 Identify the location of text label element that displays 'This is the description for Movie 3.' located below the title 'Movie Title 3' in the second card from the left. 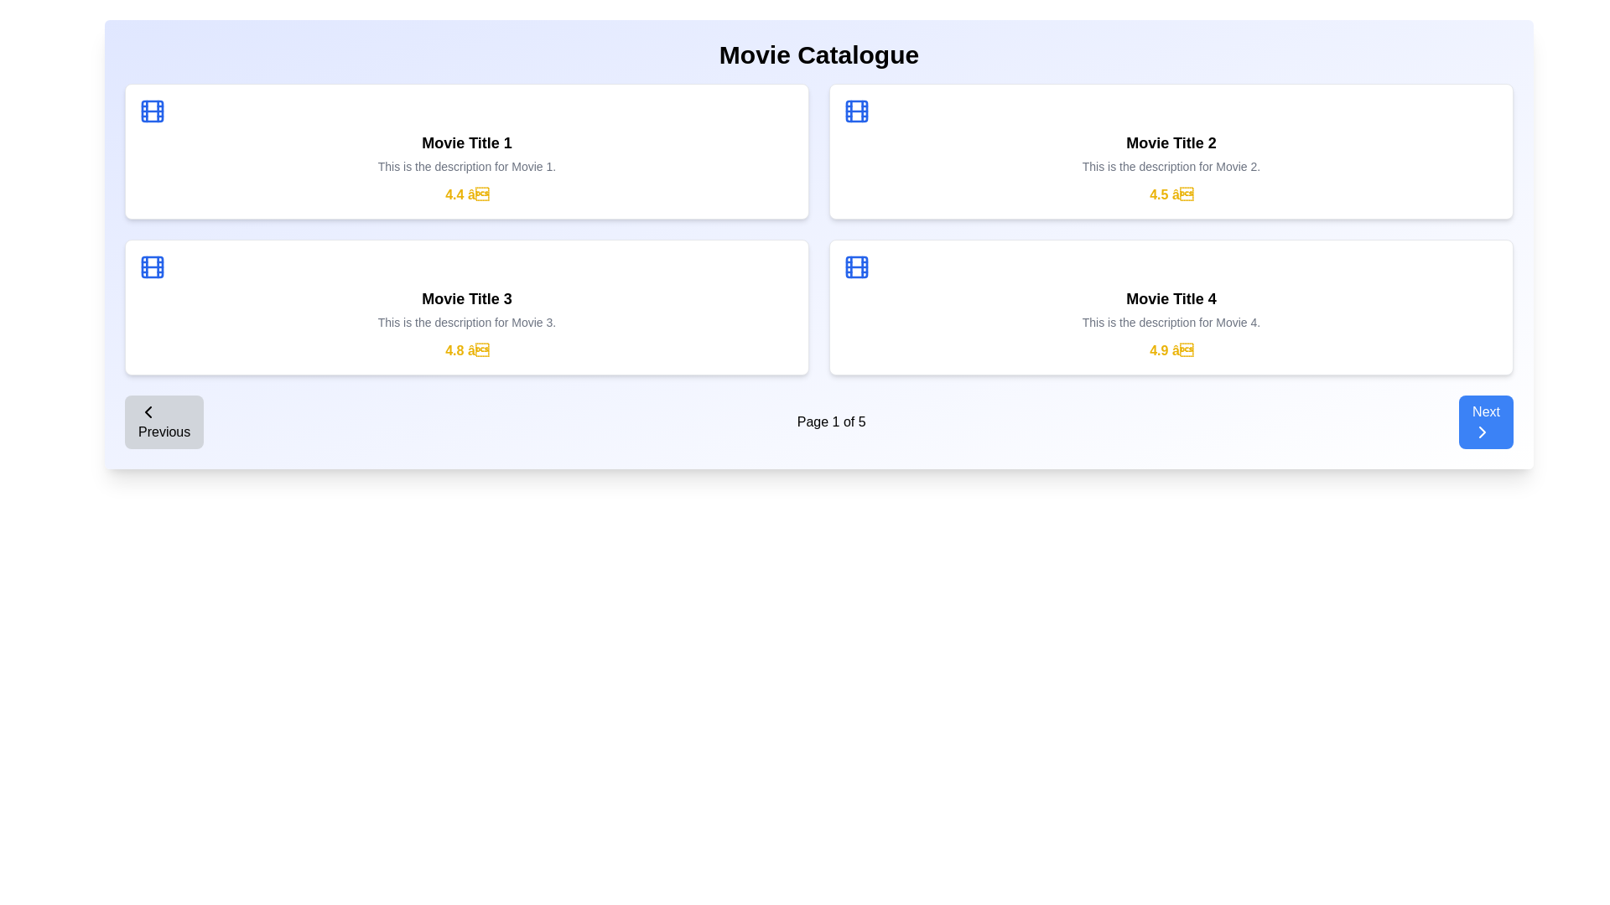
(466, 323).